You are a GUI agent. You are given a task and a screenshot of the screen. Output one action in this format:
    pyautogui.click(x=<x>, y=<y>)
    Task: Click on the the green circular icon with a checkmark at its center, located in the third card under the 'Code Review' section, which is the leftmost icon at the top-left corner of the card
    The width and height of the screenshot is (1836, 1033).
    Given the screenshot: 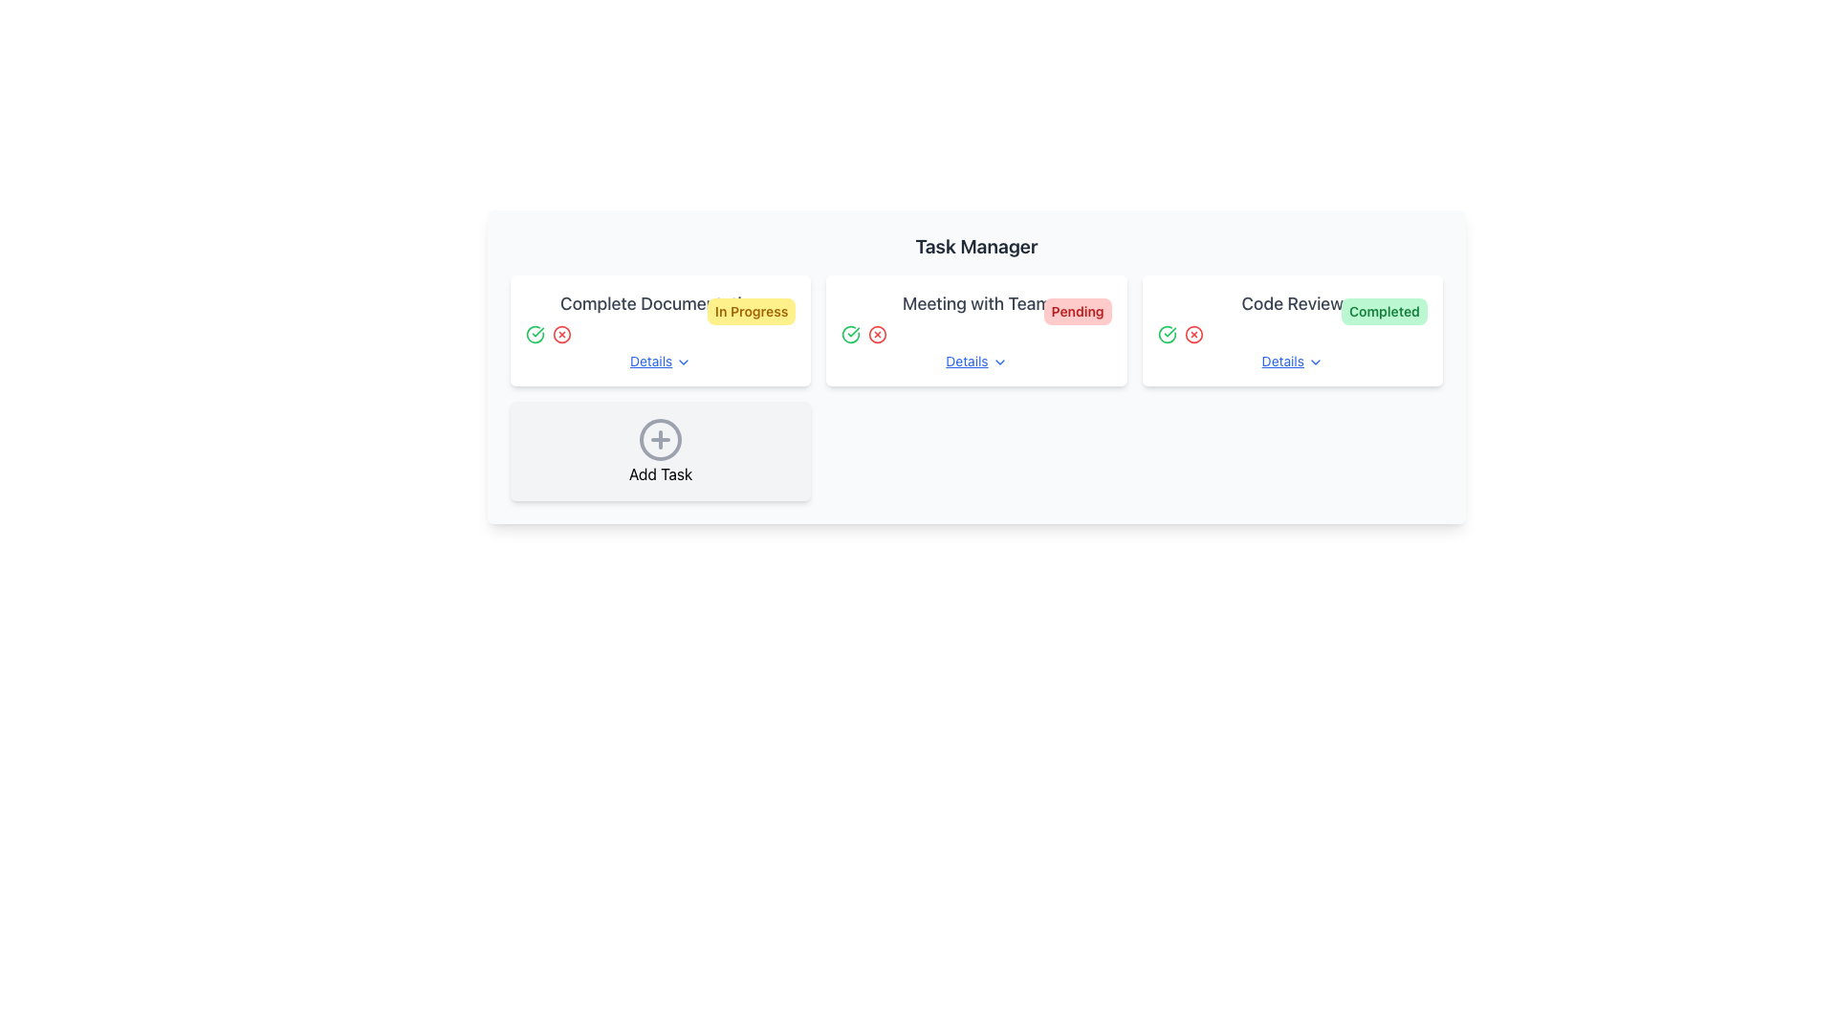 What is the action you would take?
    pyautogui.click(x=1166, y=334)
    